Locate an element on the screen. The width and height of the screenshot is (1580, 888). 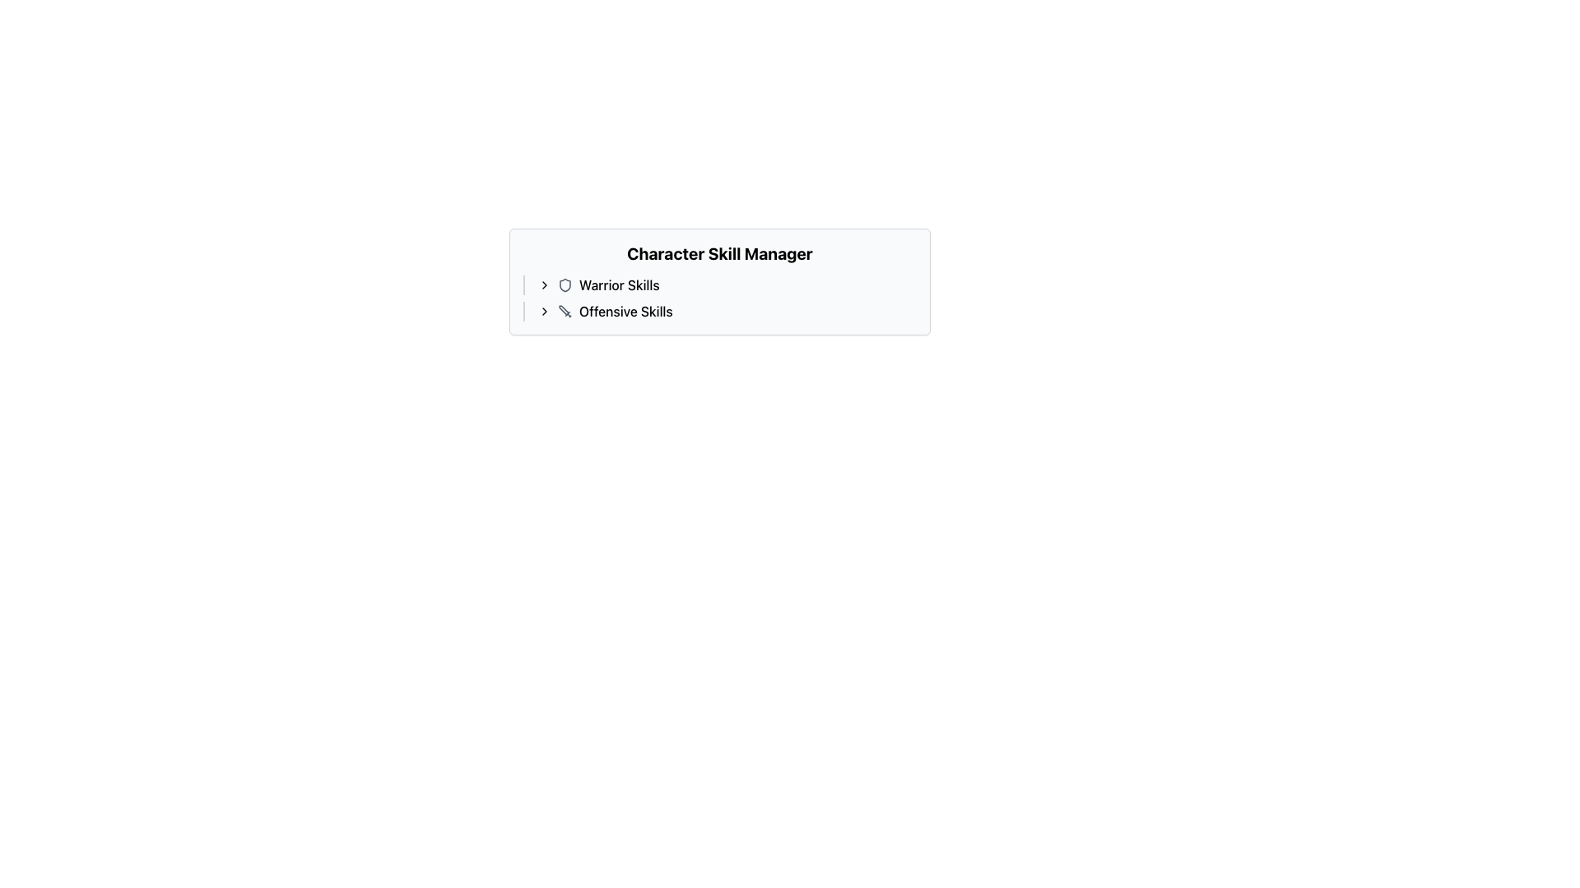
the offensive skills icon located left of the text 'Offensive Skills', which is the second icon in the horizontal layout is located at coordinates (565, 311).